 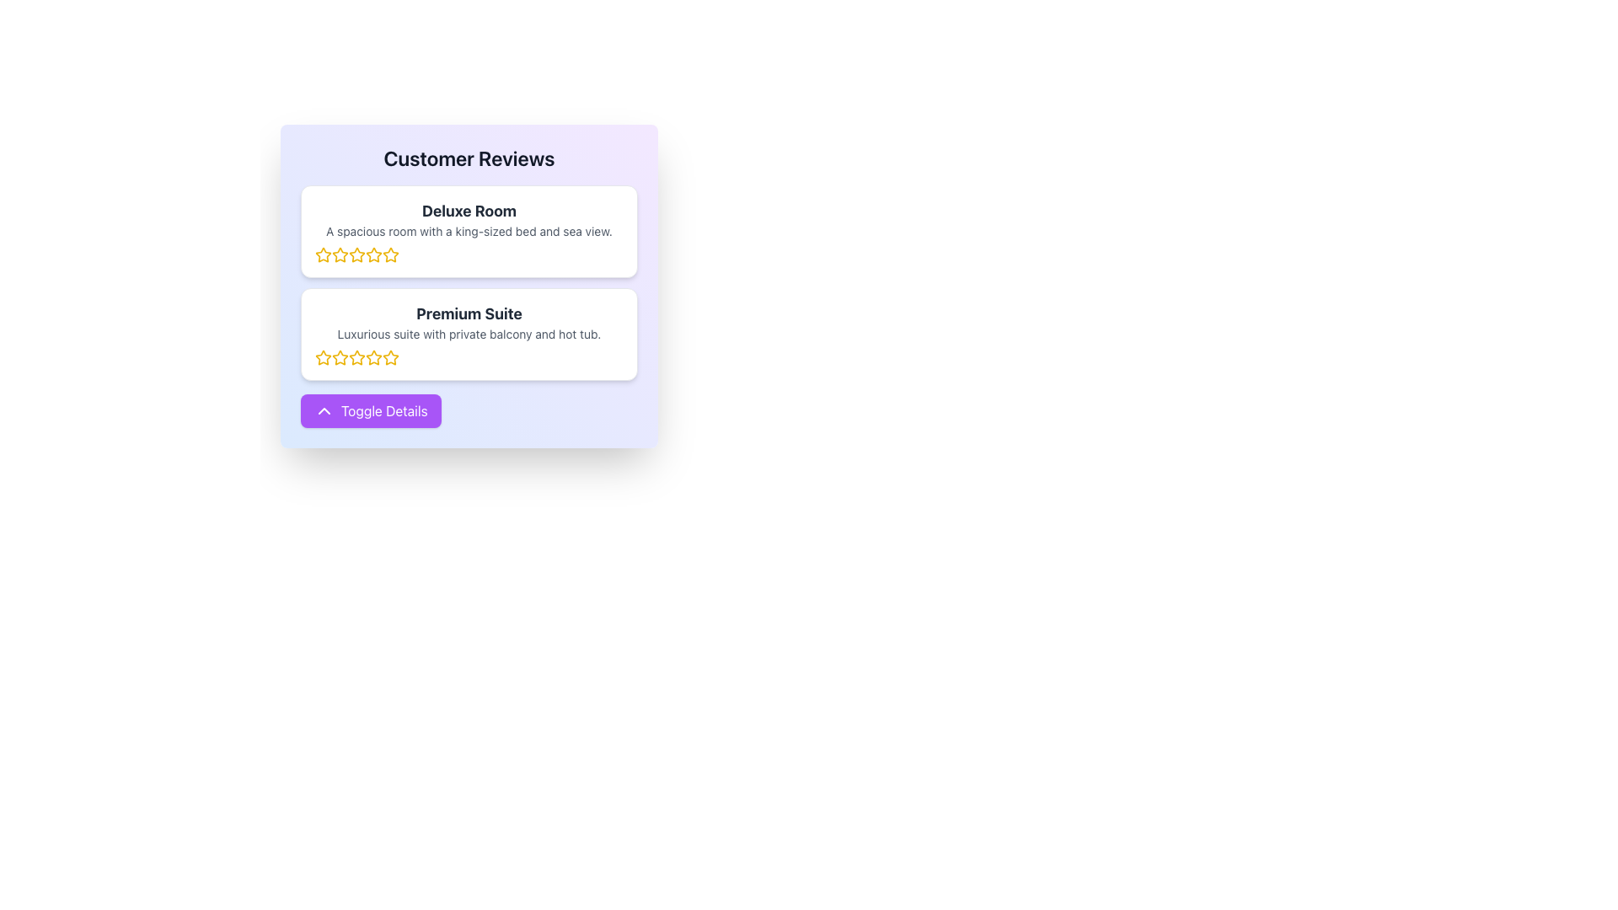 I want to click on the fifth star icon in the 5-star rating system for the 'Deluxe Room' in the 'Customer Reviews' section, so click(x=390, y=255).